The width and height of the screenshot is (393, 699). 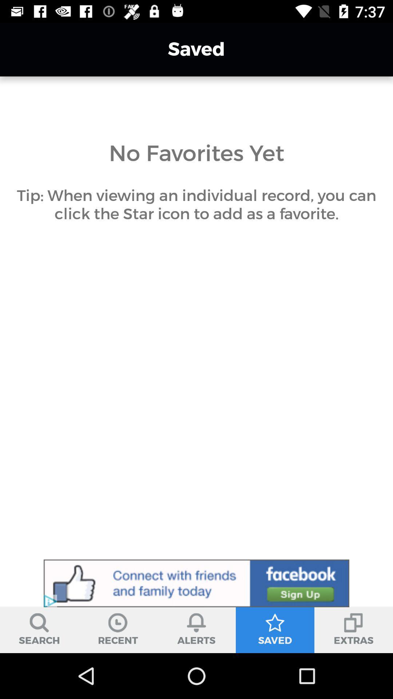 I want to click on recent, so click(x=118, y=630).